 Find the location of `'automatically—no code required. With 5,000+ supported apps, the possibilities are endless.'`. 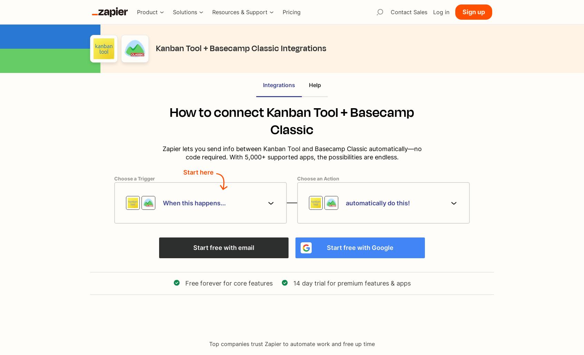

'automatically—no code required. With 5,000+ supported apps, the possibilities are endless.' is located at coordinates (303, 152).